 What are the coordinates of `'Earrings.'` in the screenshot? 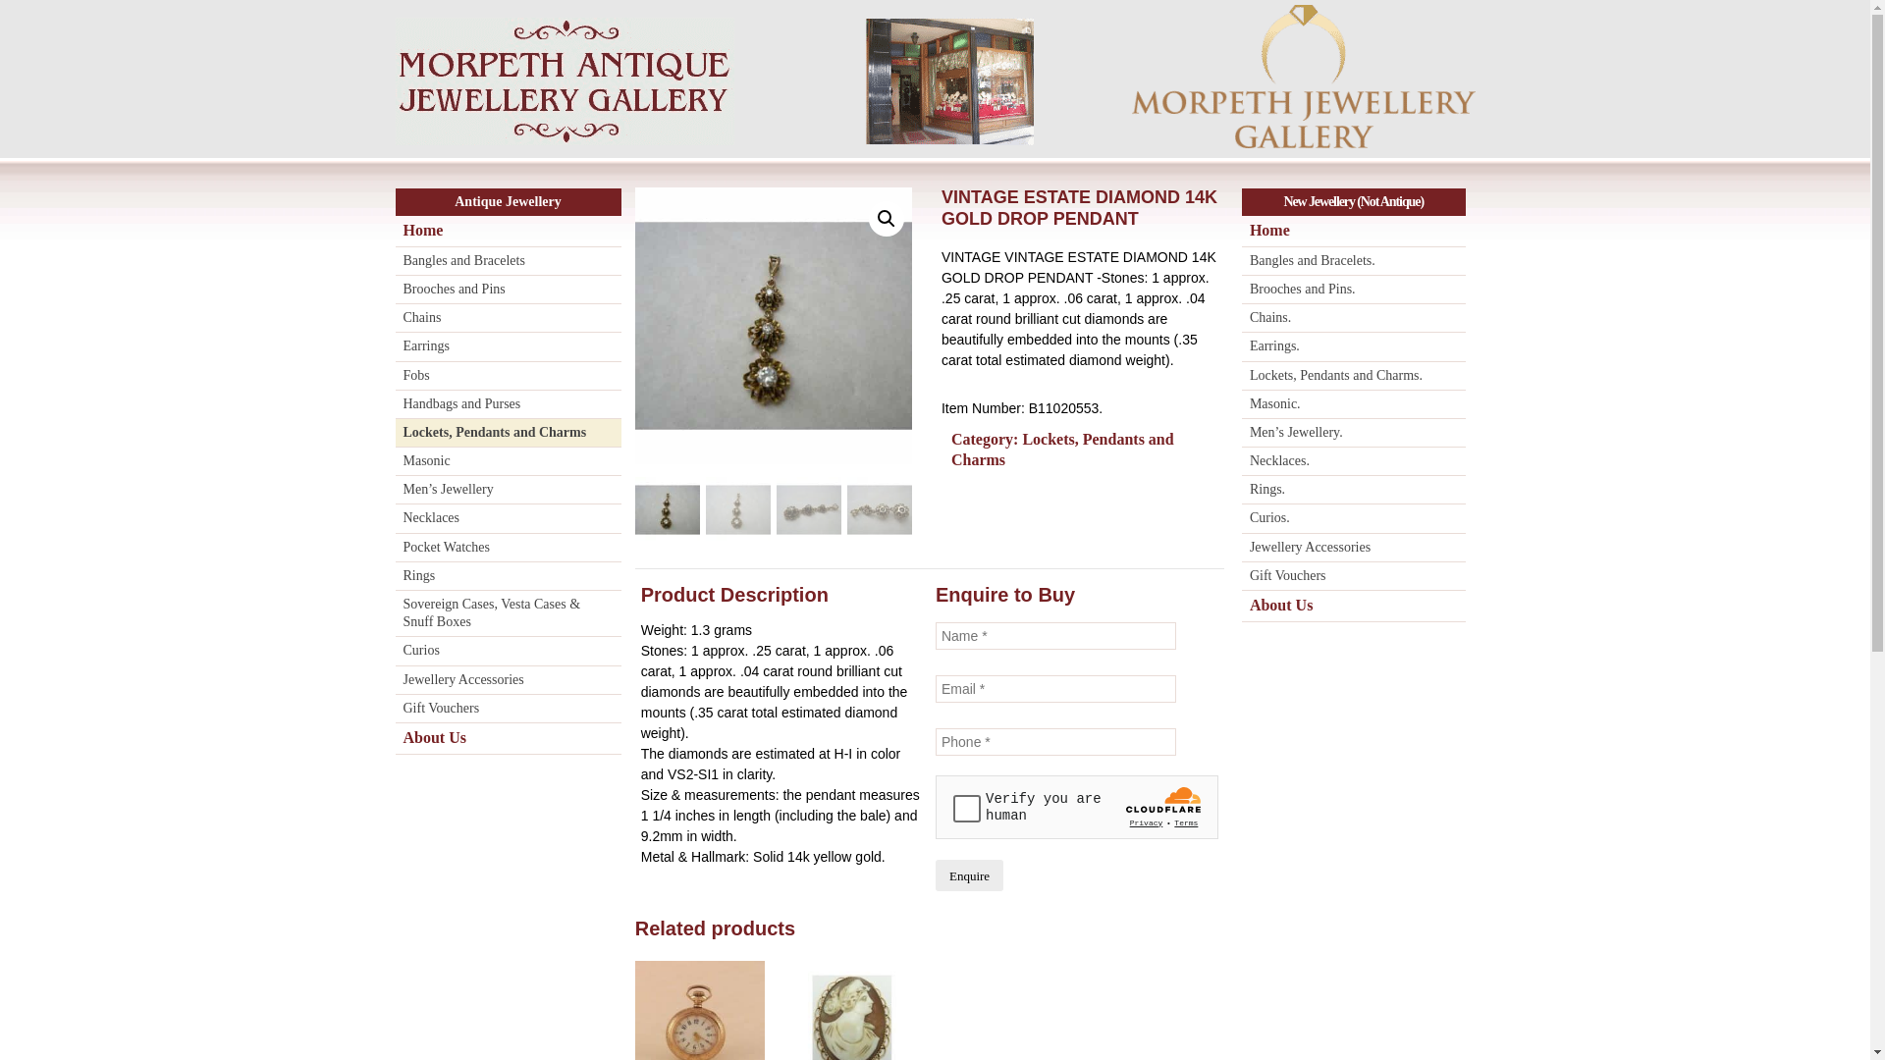 It's located at (1352, 345).